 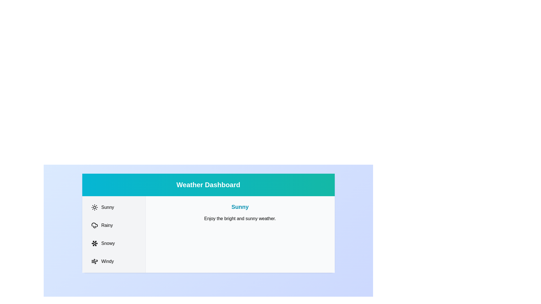 What do you see at coordinates (113, 225) in the screenshot?
I see `the Rainy tab to switch to it` at bounding box center [113, 225].